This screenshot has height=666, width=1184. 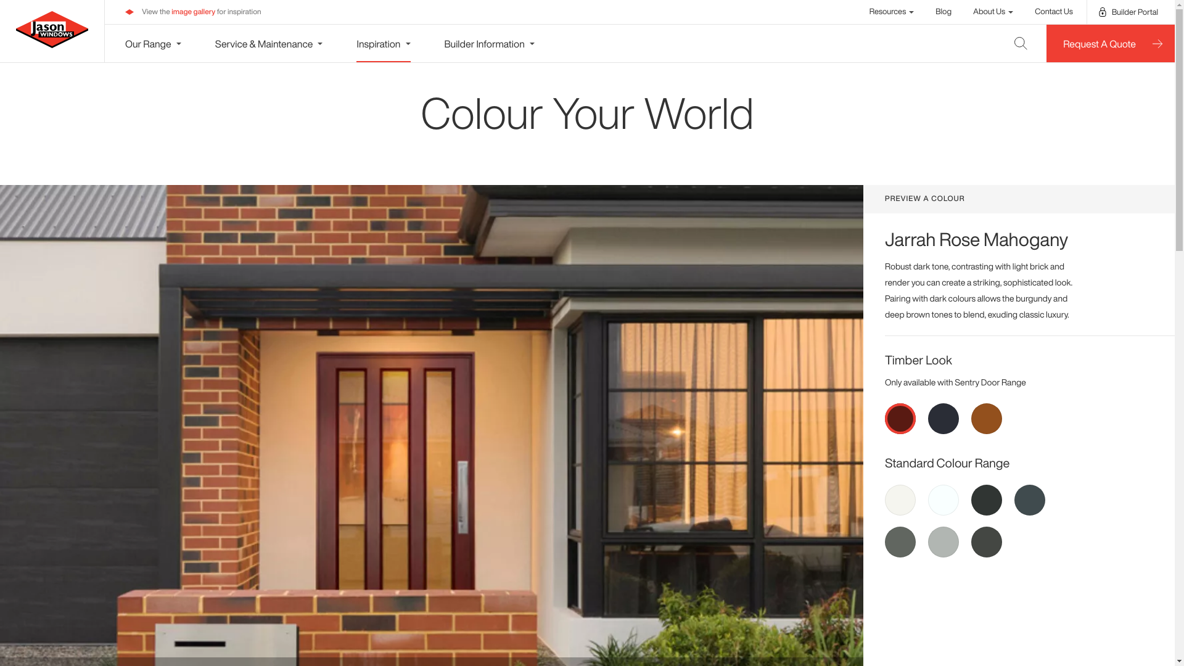 I want to click on 'Skip to Content', so click(x=6, y=6).